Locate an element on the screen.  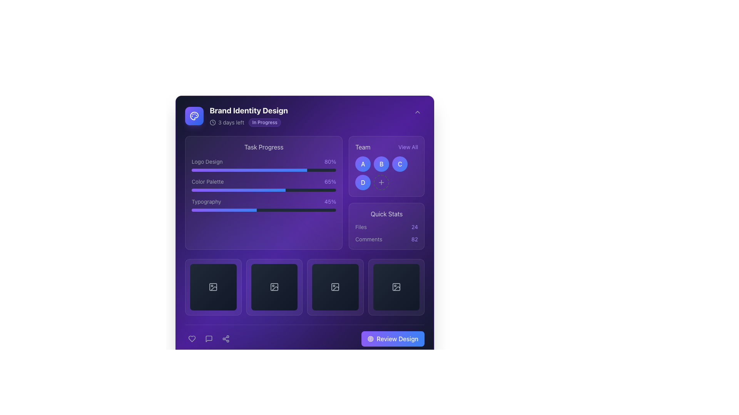
the Progress Indicator representing 80% completion of the 'Logo Design' task, located in the 'Task Progress' section is located at coordinates (264, 170).